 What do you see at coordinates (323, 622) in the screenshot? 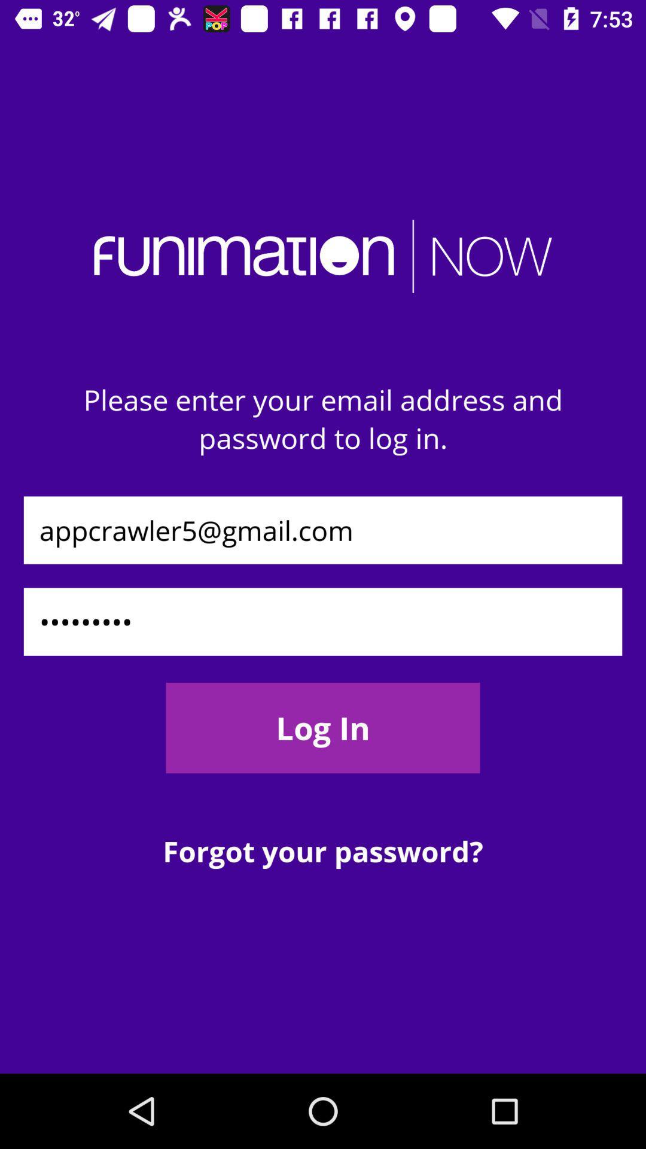
I see `the icon above the log in` at bounding box center [323, 622].